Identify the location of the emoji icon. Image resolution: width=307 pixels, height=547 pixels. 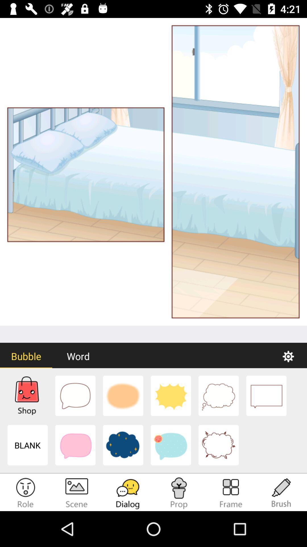
(25, 493).